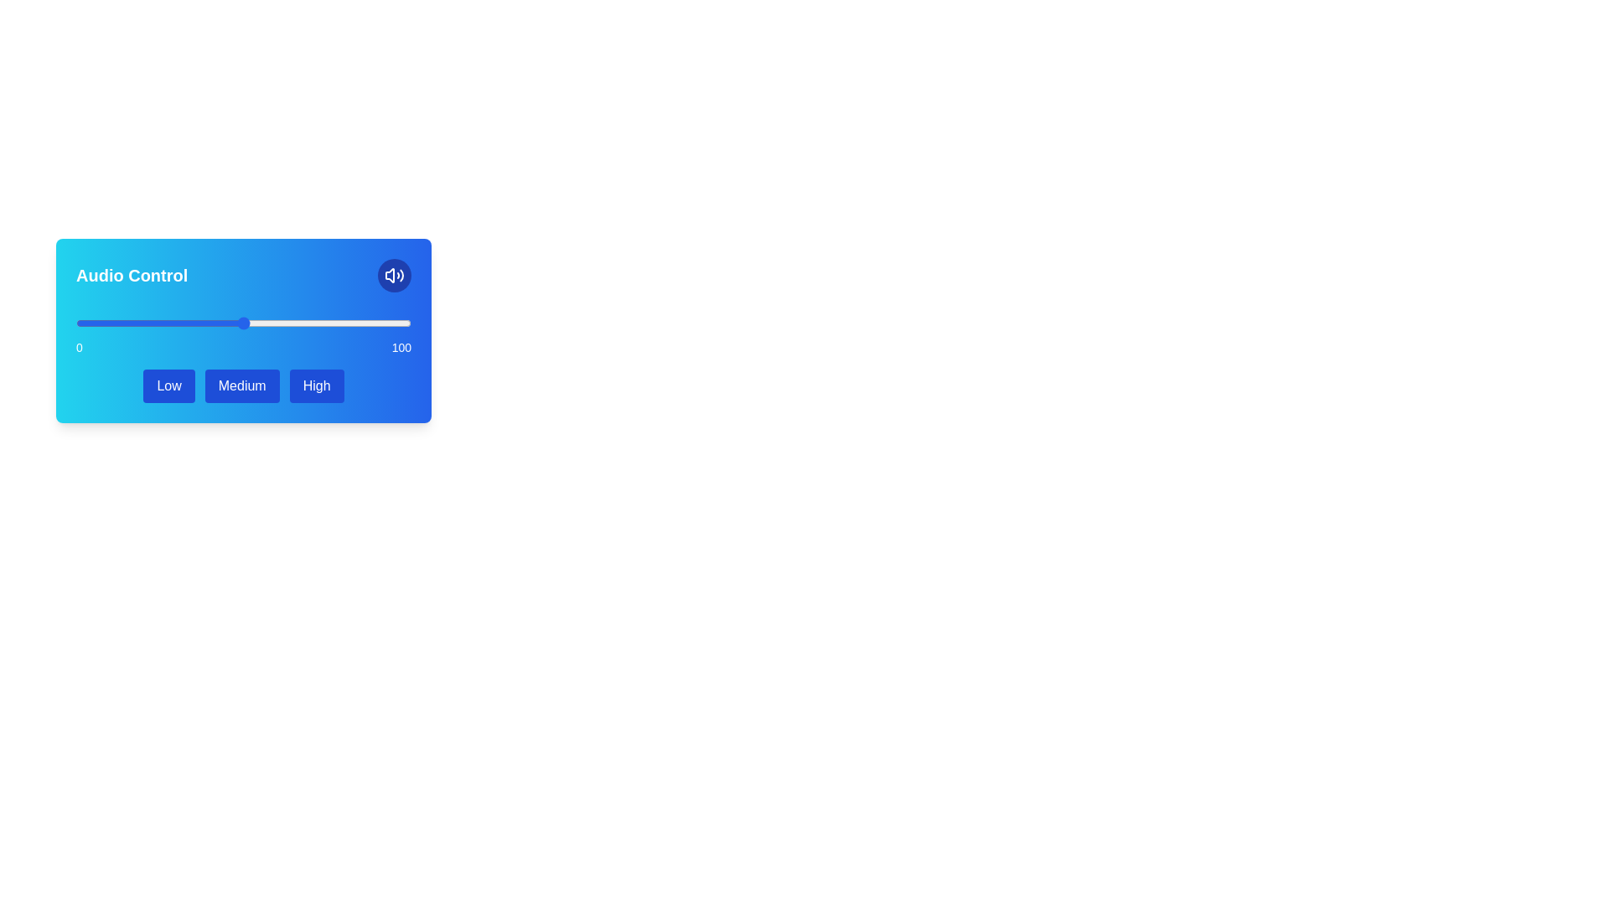  What do you see at coordinates (216, 323) in the screenshot?
I see `the slider value` at bounding box center [216, 323].